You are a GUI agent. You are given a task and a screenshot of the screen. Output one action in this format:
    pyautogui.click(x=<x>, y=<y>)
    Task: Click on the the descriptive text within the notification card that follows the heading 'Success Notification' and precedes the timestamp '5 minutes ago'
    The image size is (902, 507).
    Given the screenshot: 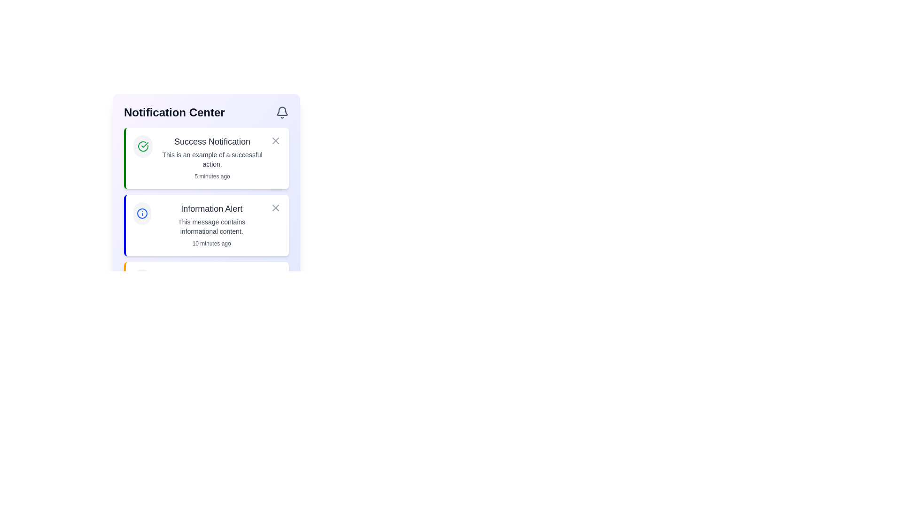 What is the action you would take?
    pyautogui.click(x=212, y=159)
    